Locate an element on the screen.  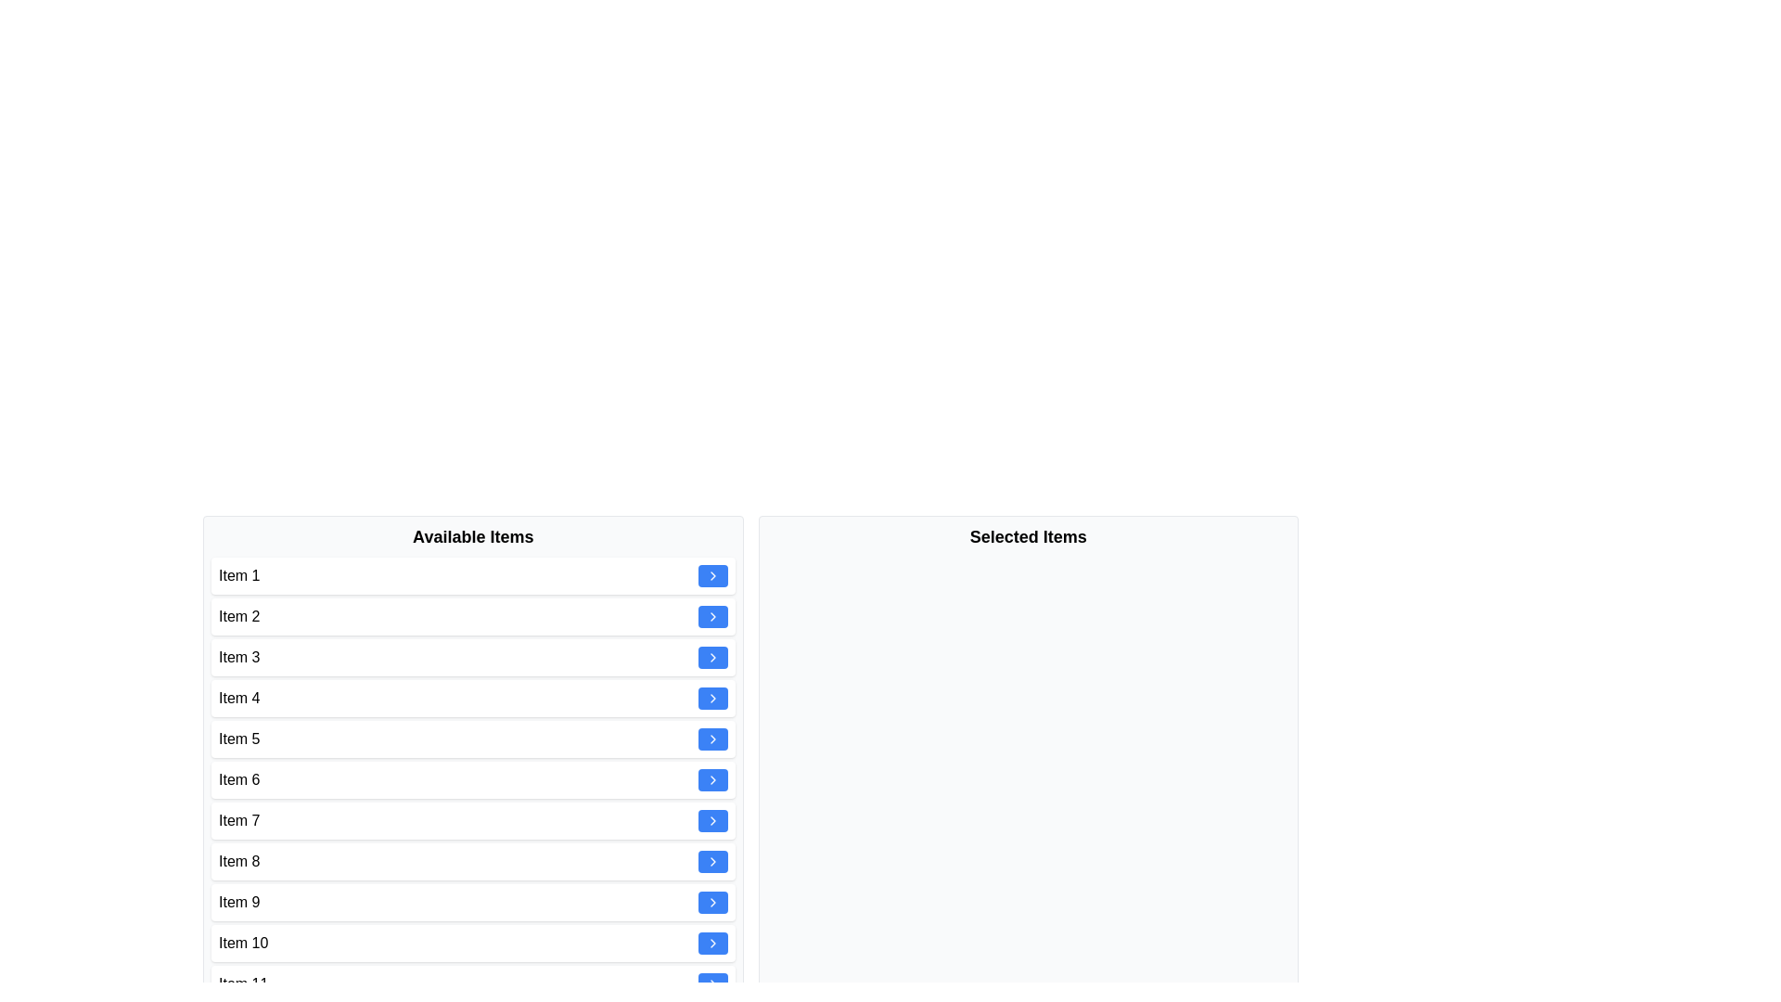
the SVG icon within the button in the 5th row of the 'Available Items' list is located at coordinates (711, 698).